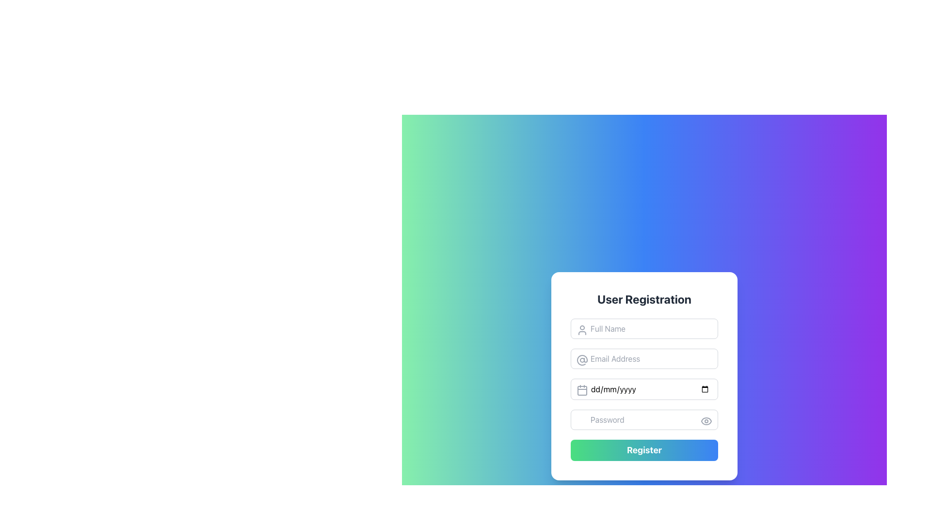 Image resolution: width=931 pixels, height=523 pixels. Describe the element at coordinates (644, 450) in the screenshot. I see `the submission button located at the bottom center of the user registration form` at that location.